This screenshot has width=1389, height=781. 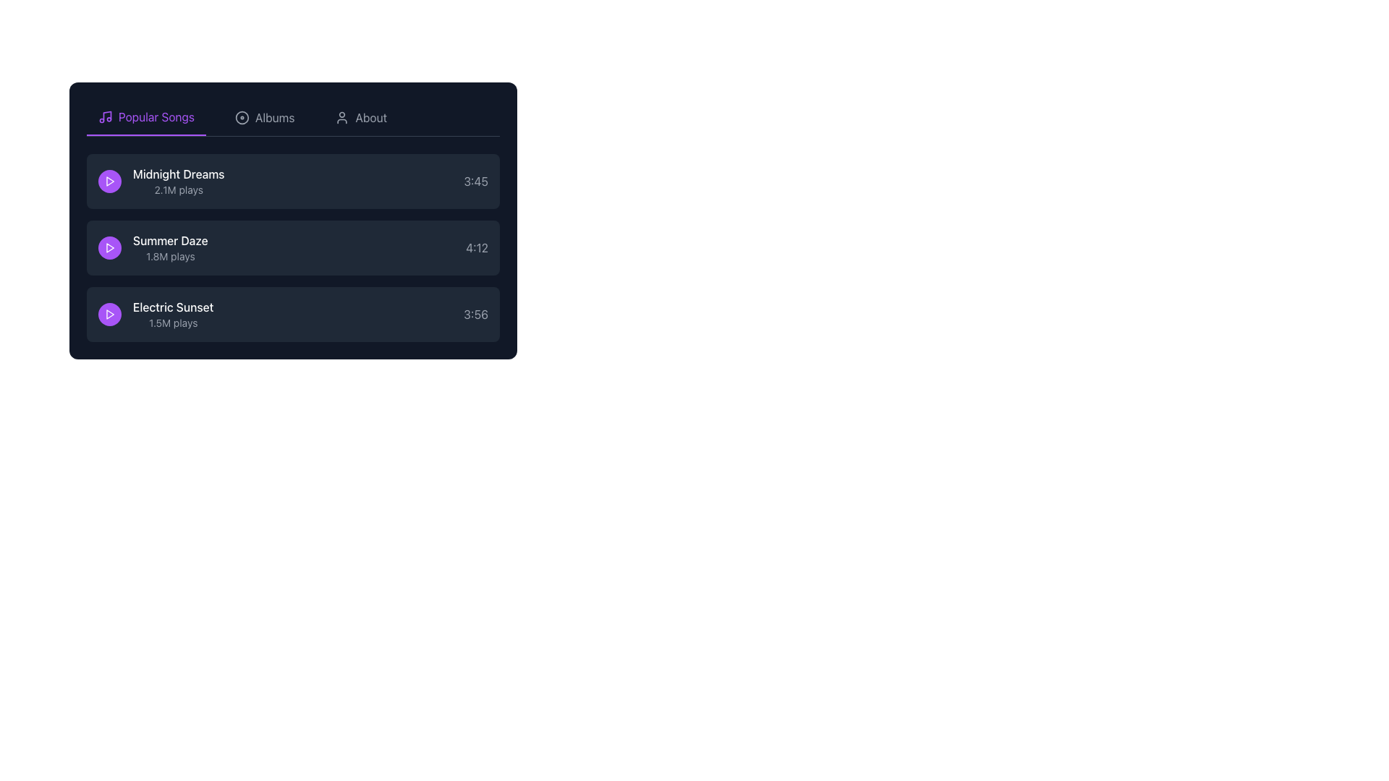 What do you see at coordinates (476, 180) in the screenshot?
I see `the time display text '3:45' in the dark-themed interface, which is part of the song row for 'Midnight Dreams', located at the far right and aligned with the song title and play count` at bounding box center [476, 180].